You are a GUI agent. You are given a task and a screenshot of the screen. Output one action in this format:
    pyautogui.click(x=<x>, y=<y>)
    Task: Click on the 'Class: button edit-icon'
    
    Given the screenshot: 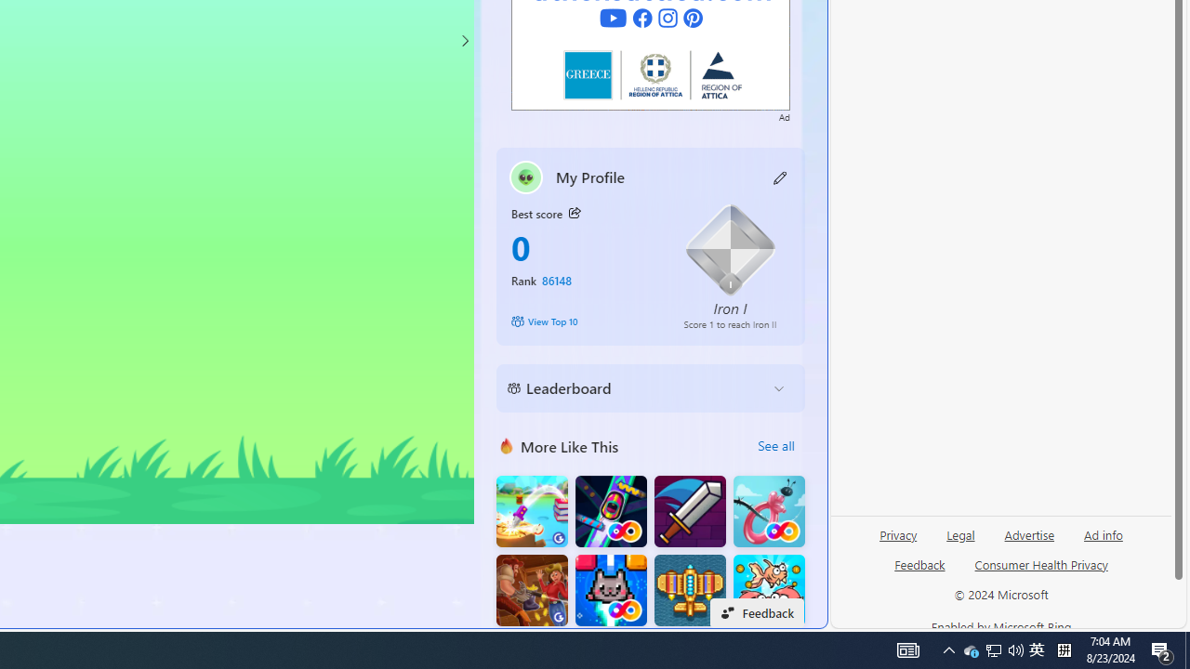 What is the action you would take?
    pyautogui.click(x=780, y=177)
    